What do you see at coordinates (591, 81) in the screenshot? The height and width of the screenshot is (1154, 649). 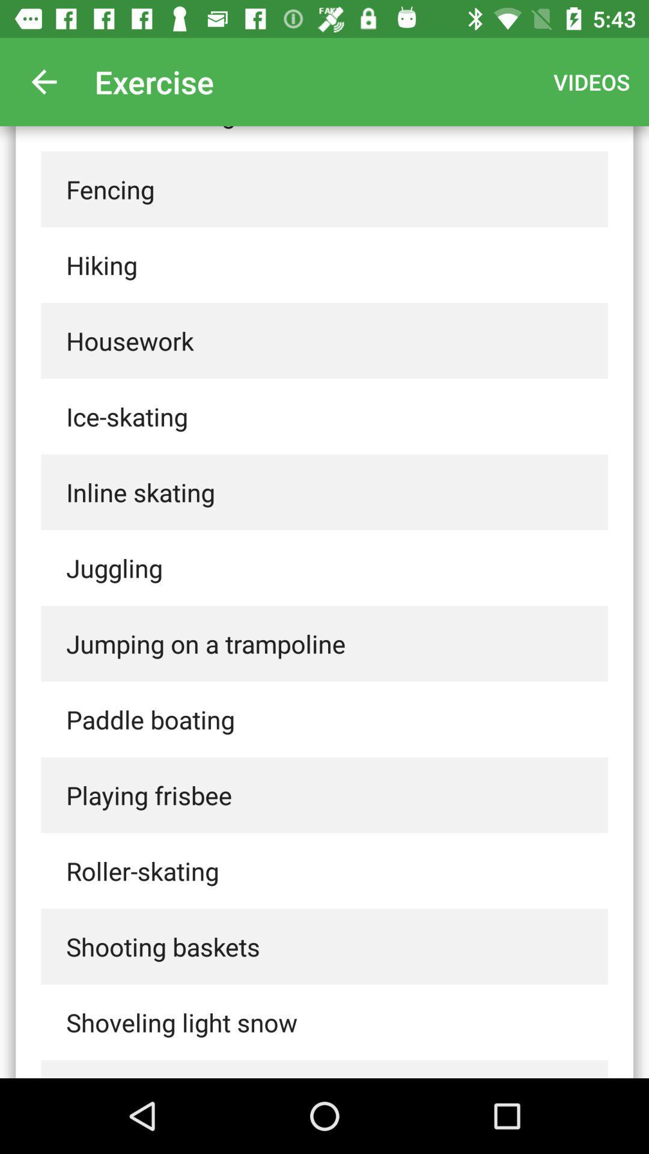 I see `the videos icon` at bounding box center [591, 81].